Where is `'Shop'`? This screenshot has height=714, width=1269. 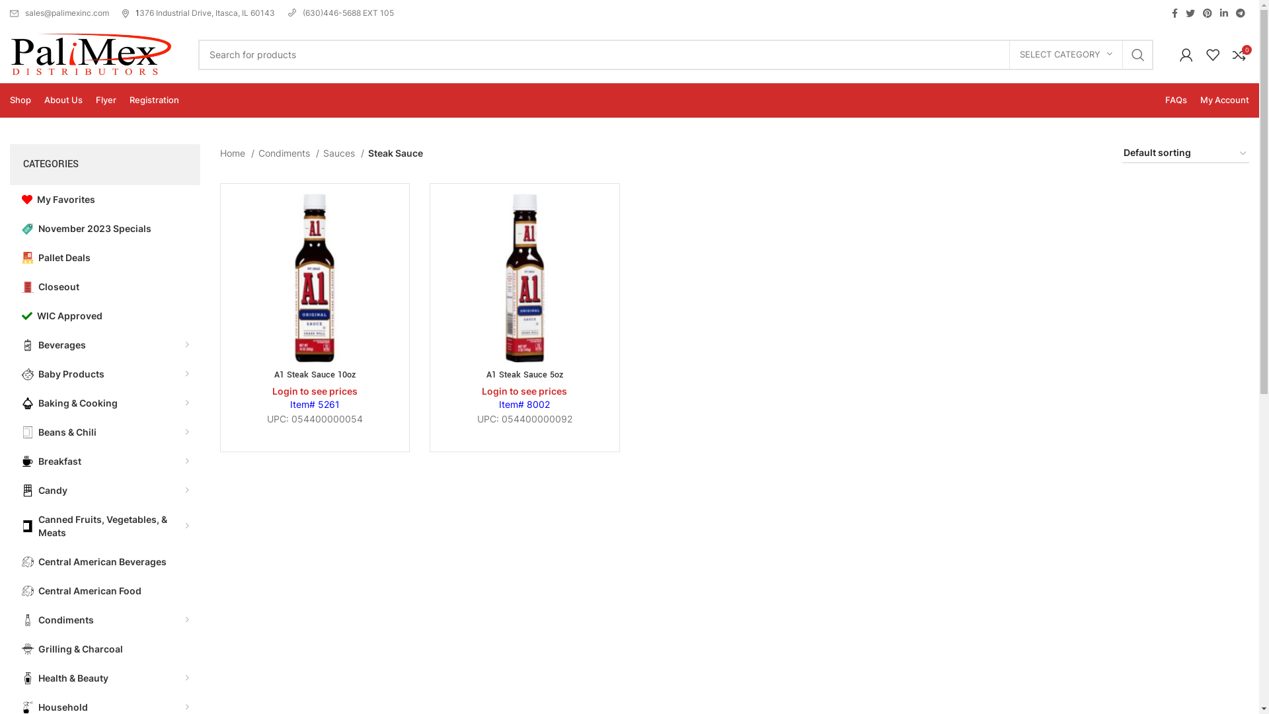
'Shop' is located at coordinates (9, 99).